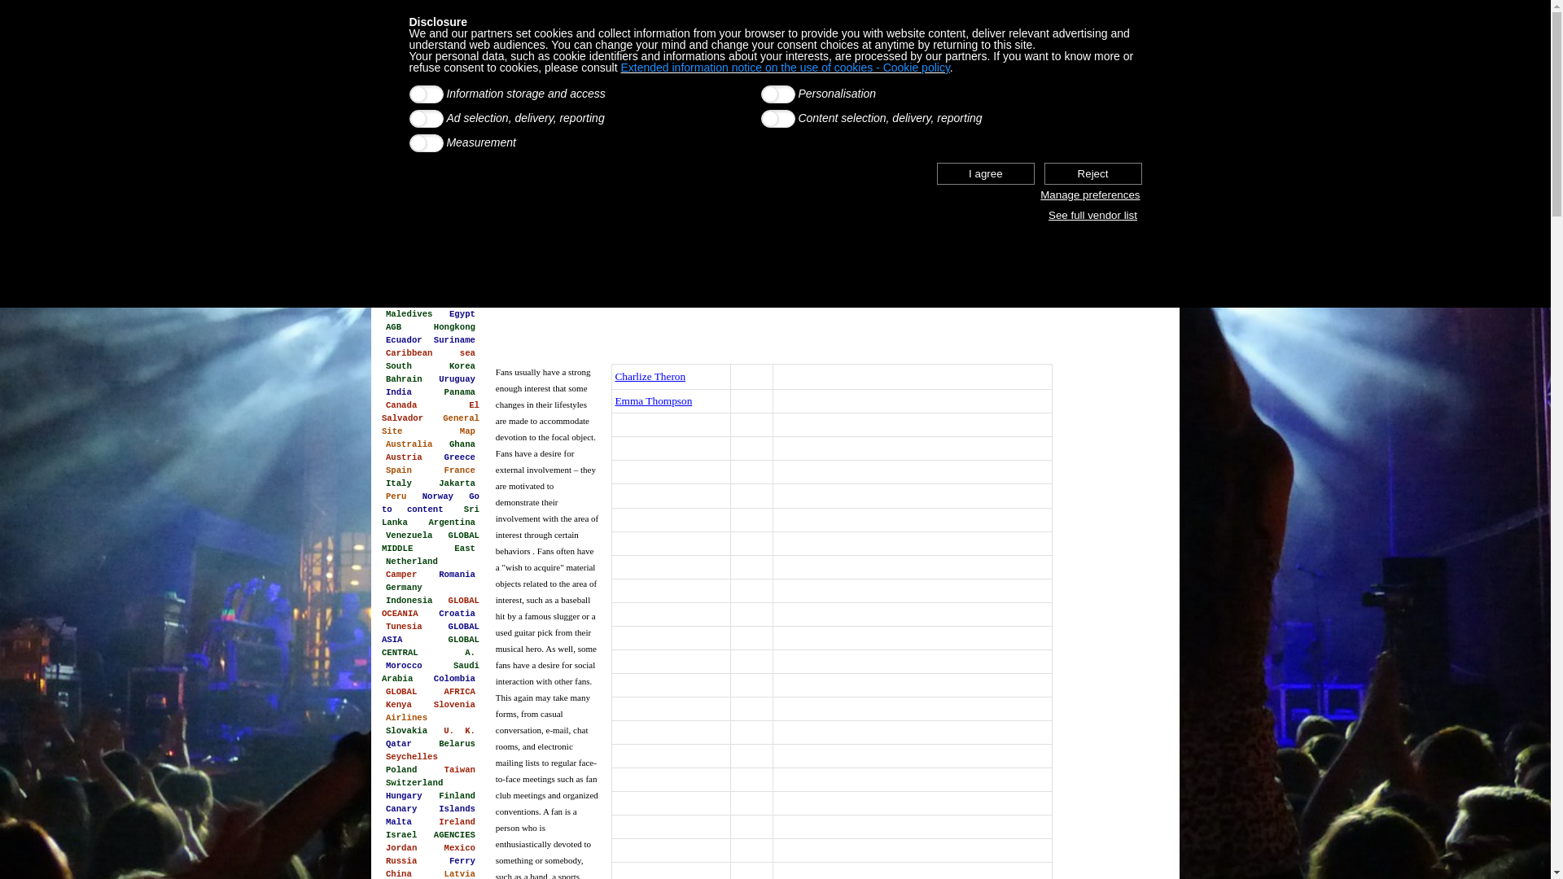  What do you see at coordinates (454, 326) in the screenshot?
I see `'Hongkong'` at bounding box center [454, 326].